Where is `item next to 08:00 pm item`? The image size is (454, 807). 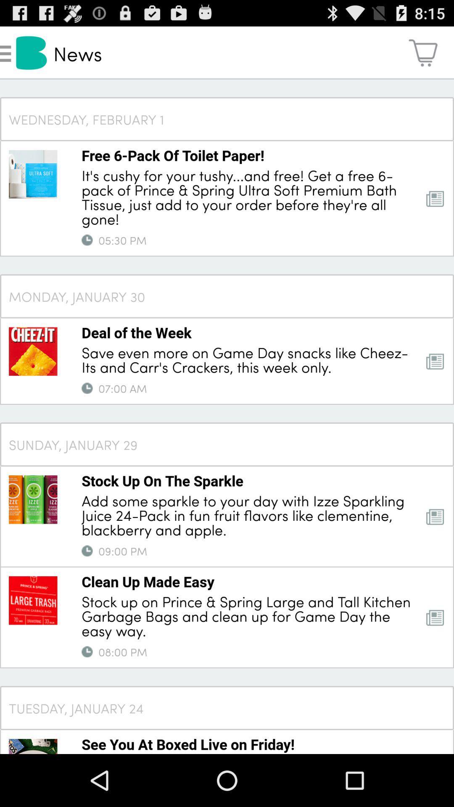
item next to 08:00 pm item is located at coordinates (87, 651).